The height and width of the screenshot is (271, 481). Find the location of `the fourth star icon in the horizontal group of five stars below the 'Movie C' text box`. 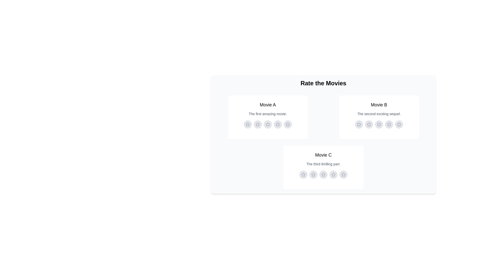

the fourth star icon in the horizontal group of five stars below the 'Movie C' text box is located at coordinates (333, 174).